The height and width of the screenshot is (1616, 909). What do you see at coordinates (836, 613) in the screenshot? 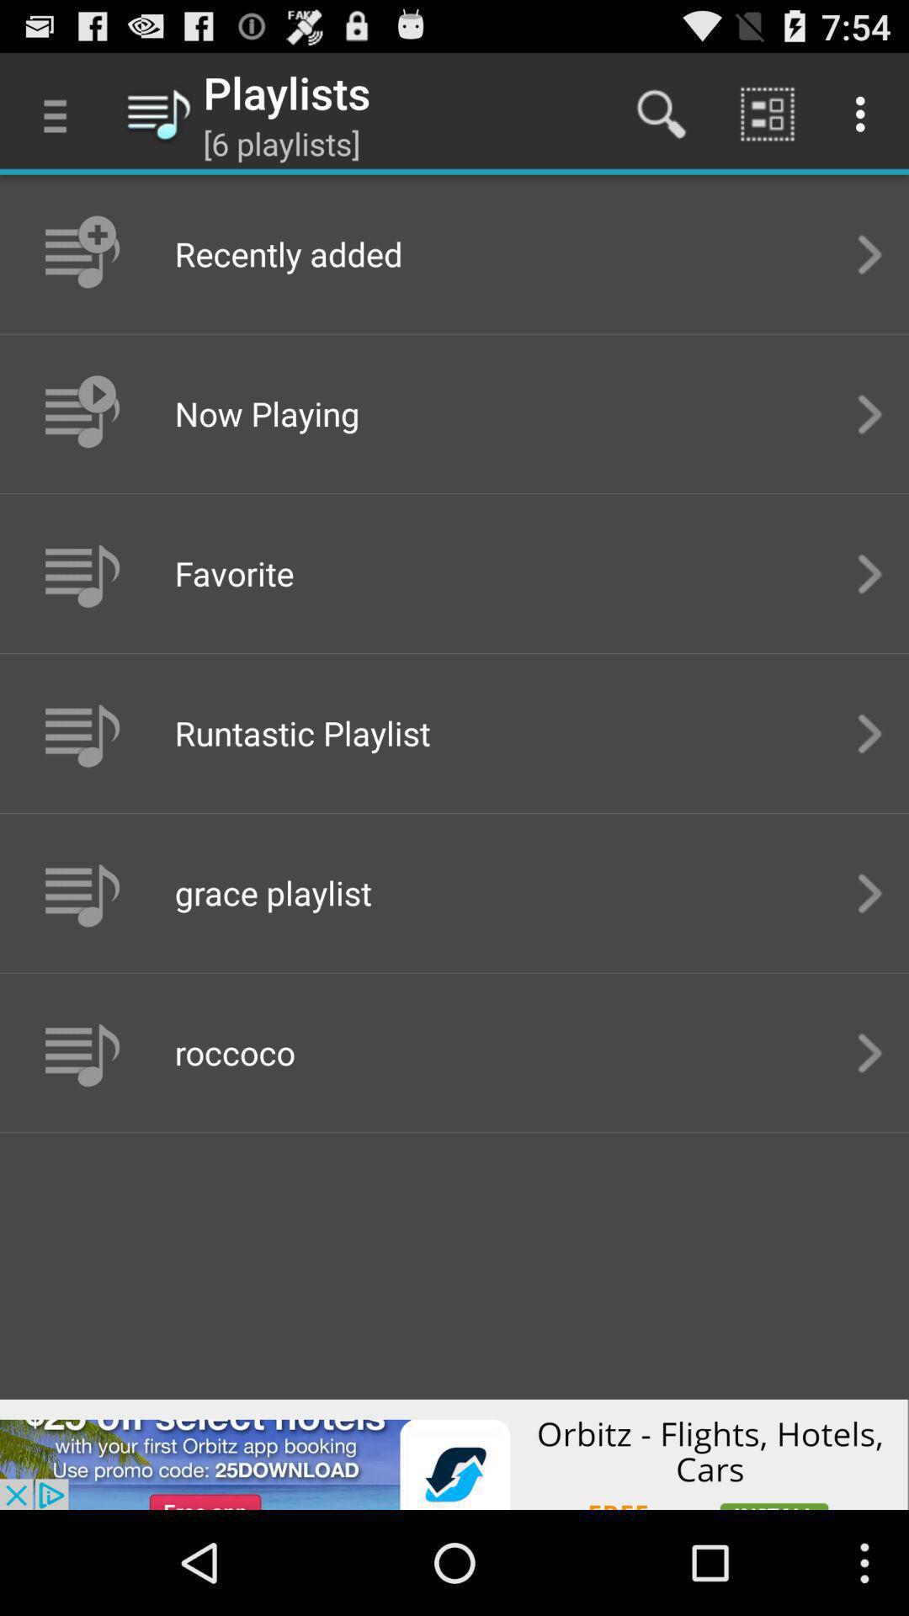
I see `the arrow_forward icon` at bounding box center [836, 613].